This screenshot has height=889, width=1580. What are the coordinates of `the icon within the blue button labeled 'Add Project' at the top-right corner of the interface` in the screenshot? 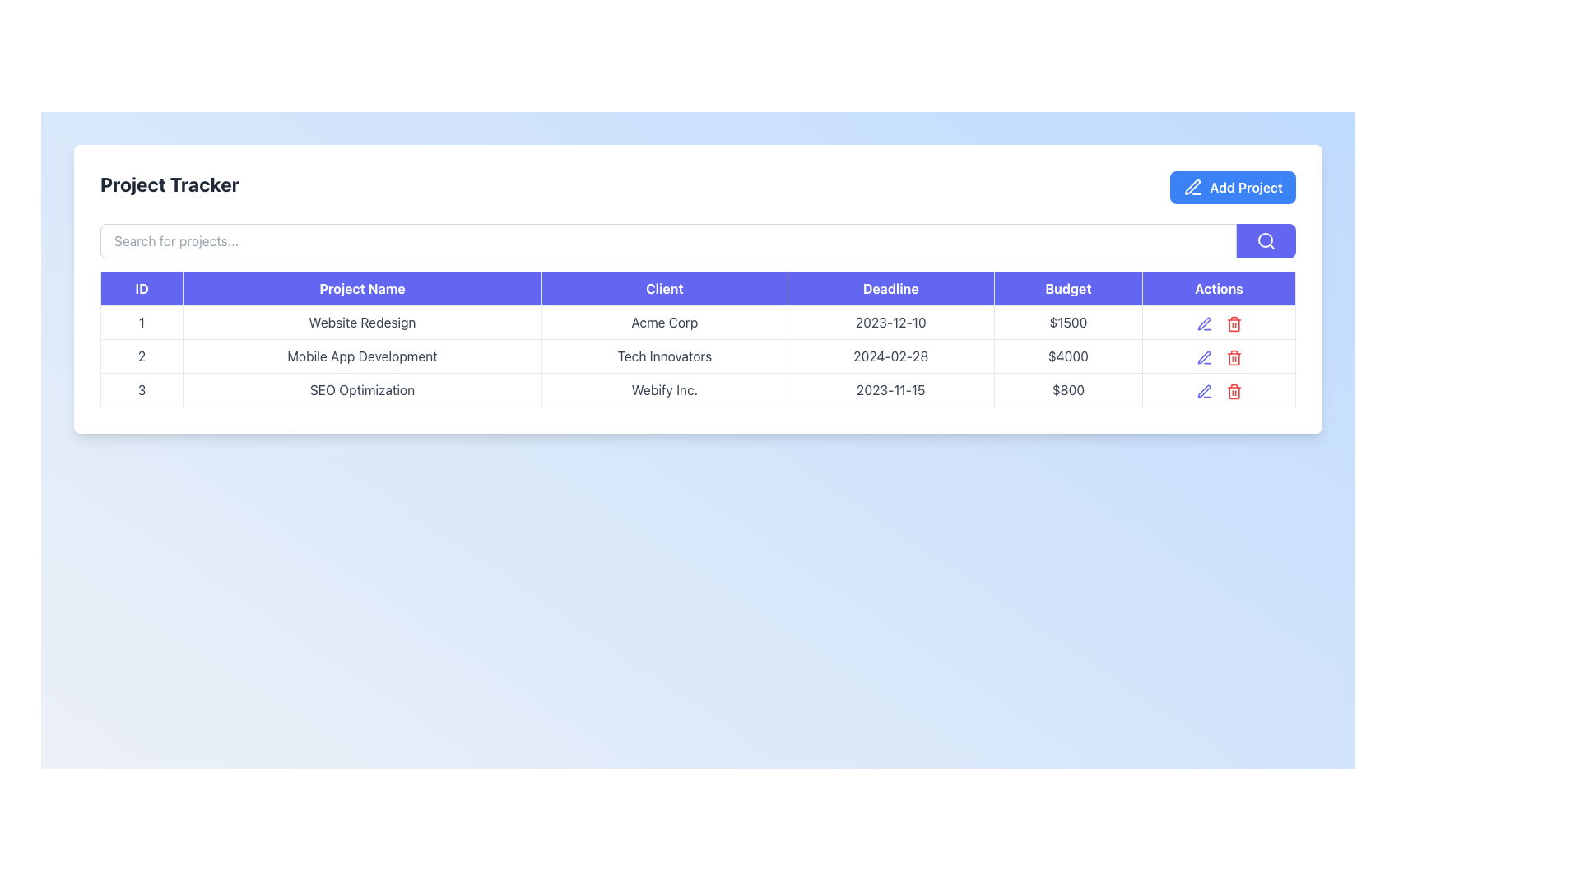 It's located at (1193, 186).